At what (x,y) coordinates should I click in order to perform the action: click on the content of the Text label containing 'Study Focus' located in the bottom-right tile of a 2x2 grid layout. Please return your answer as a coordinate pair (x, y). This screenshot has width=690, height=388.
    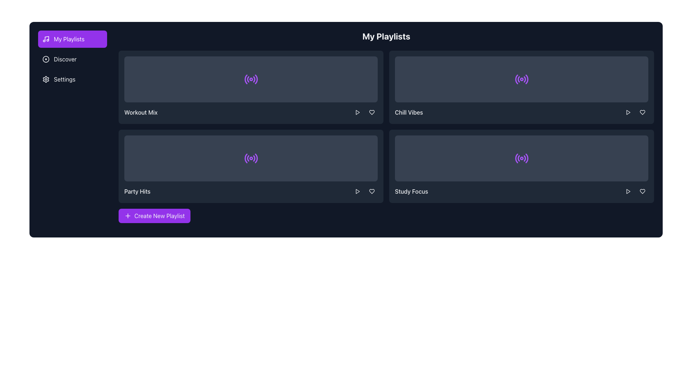
    Looking at the image, I should click on (411, 191).